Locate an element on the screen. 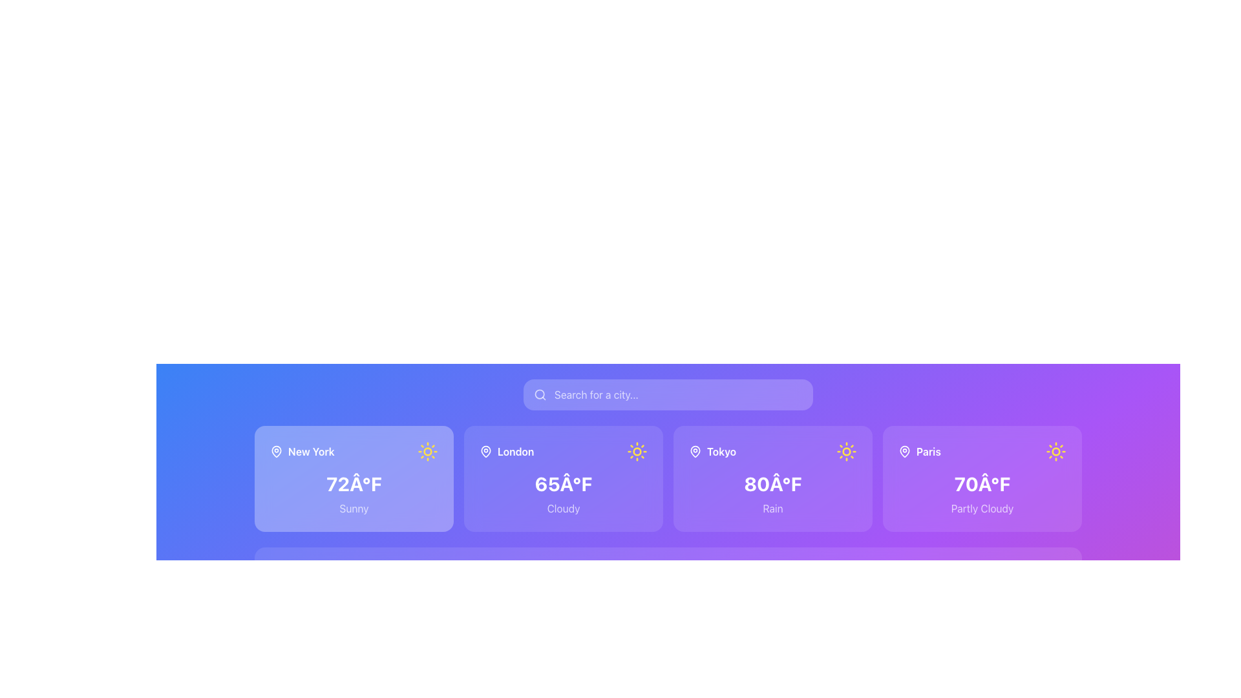 The image size is (1241, 698). the sunny weather icon located within the 'London' card, positioned to the right of the temperature information is located at coordinates (637, 450).